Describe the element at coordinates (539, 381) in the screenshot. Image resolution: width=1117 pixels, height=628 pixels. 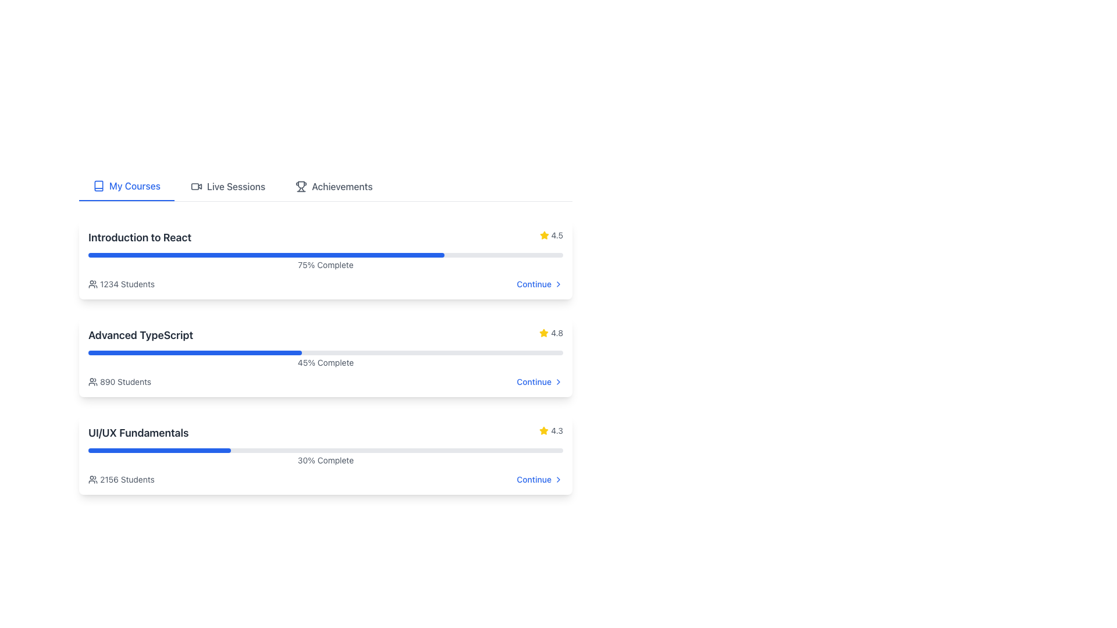
I see `the 'Continue' button in the 'Advanced TypeScript' section, which features a blue text label and a right arrow icon, indicating progression` at that location.